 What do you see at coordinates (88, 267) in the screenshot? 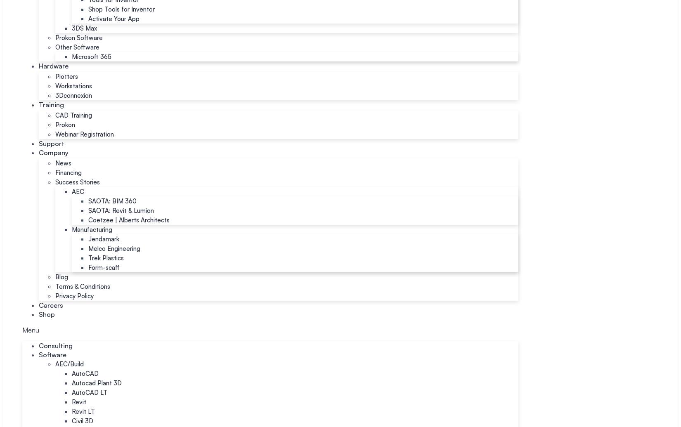
I see `'Form-scaff'` at bounding box center [88, 267].